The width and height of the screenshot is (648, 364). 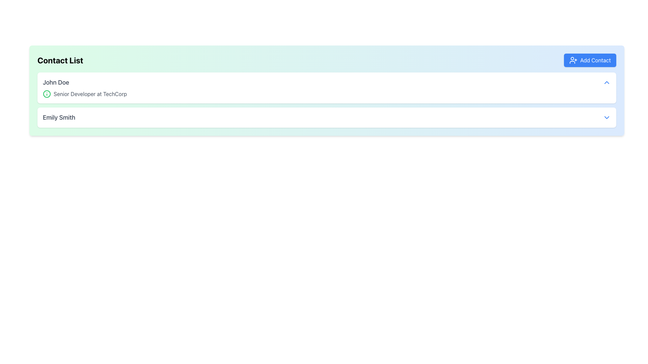 What do you see at coordinates (47, 94) in the screenshot?
I see `the information icon located in front of the text 'Senior Developer at TechCorp' associated with user John Doe in the second line of the 'Contact List' interface` at bounding box center [47, 94].